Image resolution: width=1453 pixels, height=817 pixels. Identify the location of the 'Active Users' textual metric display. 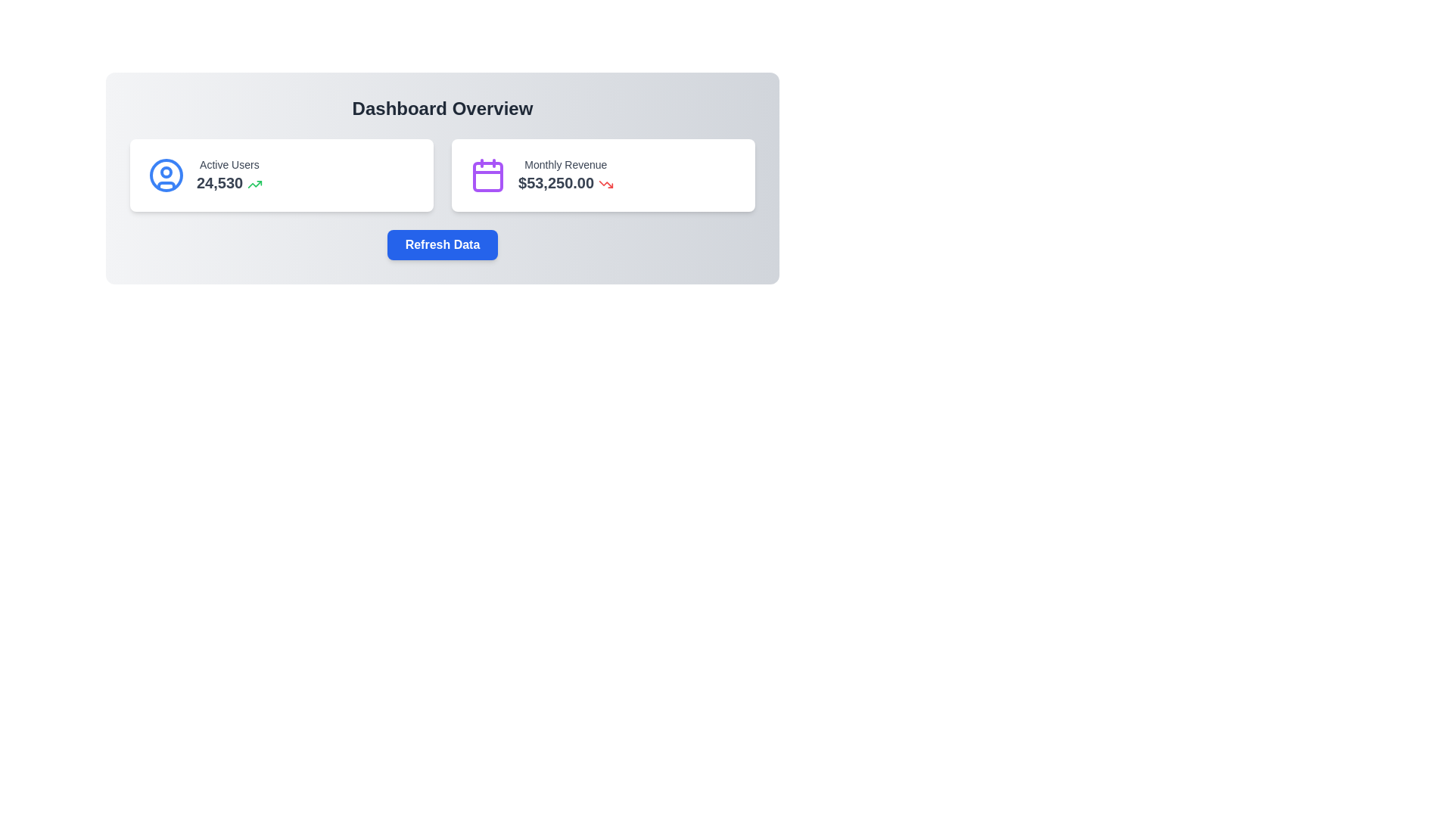
(229, 174).